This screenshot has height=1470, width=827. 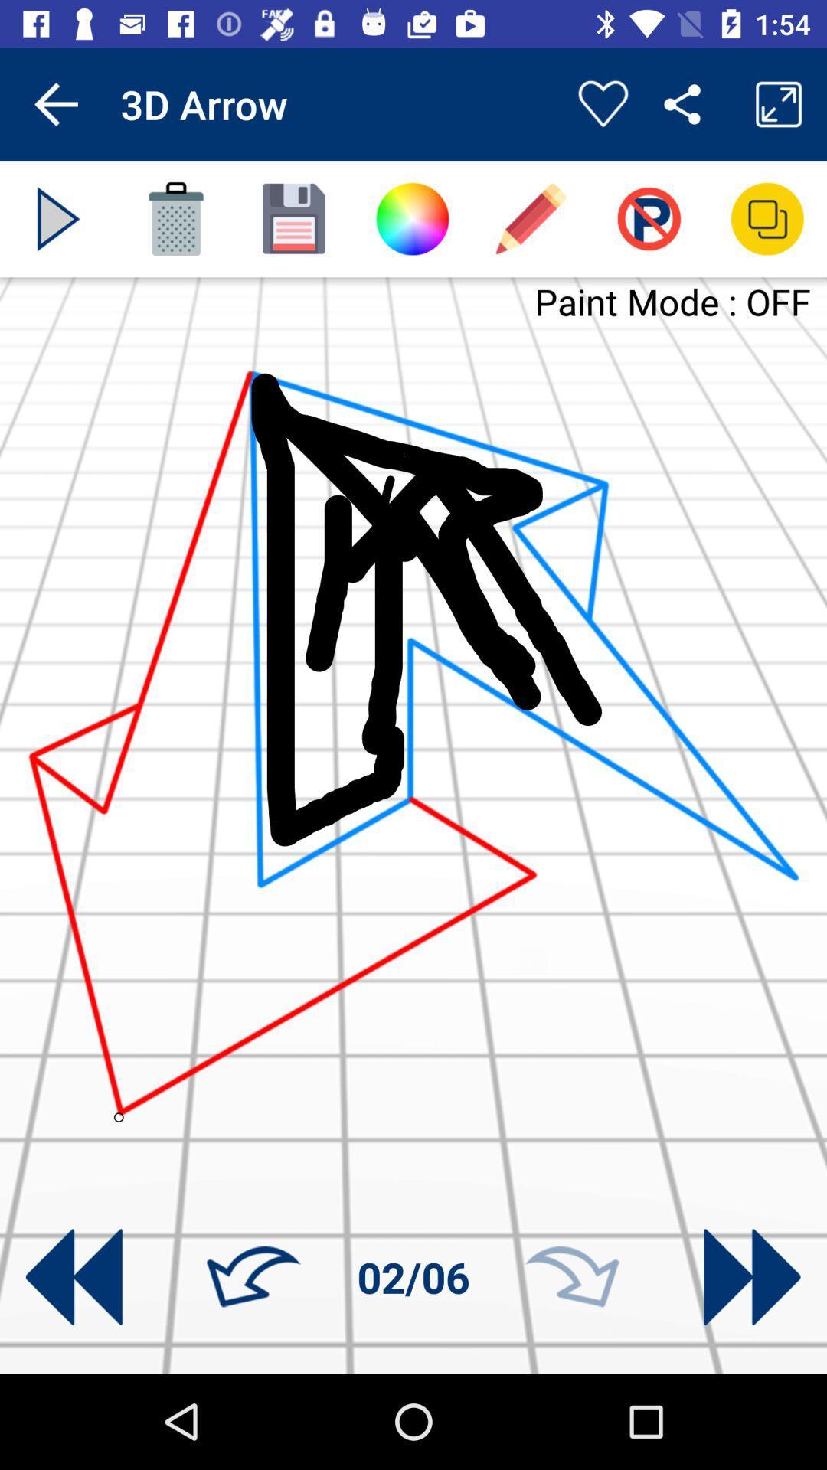 I want to click on go forward, so click(x=572, y=1277).